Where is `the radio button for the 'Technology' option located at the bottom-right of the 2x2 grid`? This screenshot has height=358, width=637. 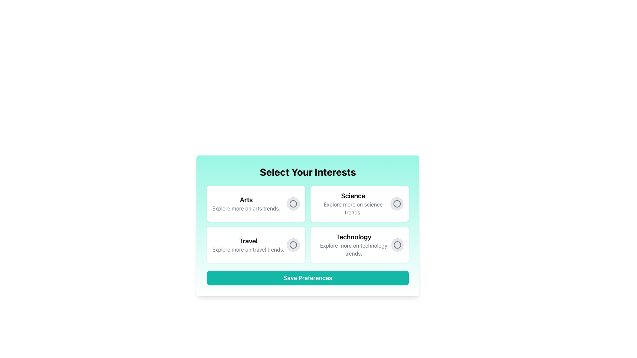
the radio button for the 'Technology' option located at the bottom-right of the 2x2 grid is located at coordinates (397, 245).